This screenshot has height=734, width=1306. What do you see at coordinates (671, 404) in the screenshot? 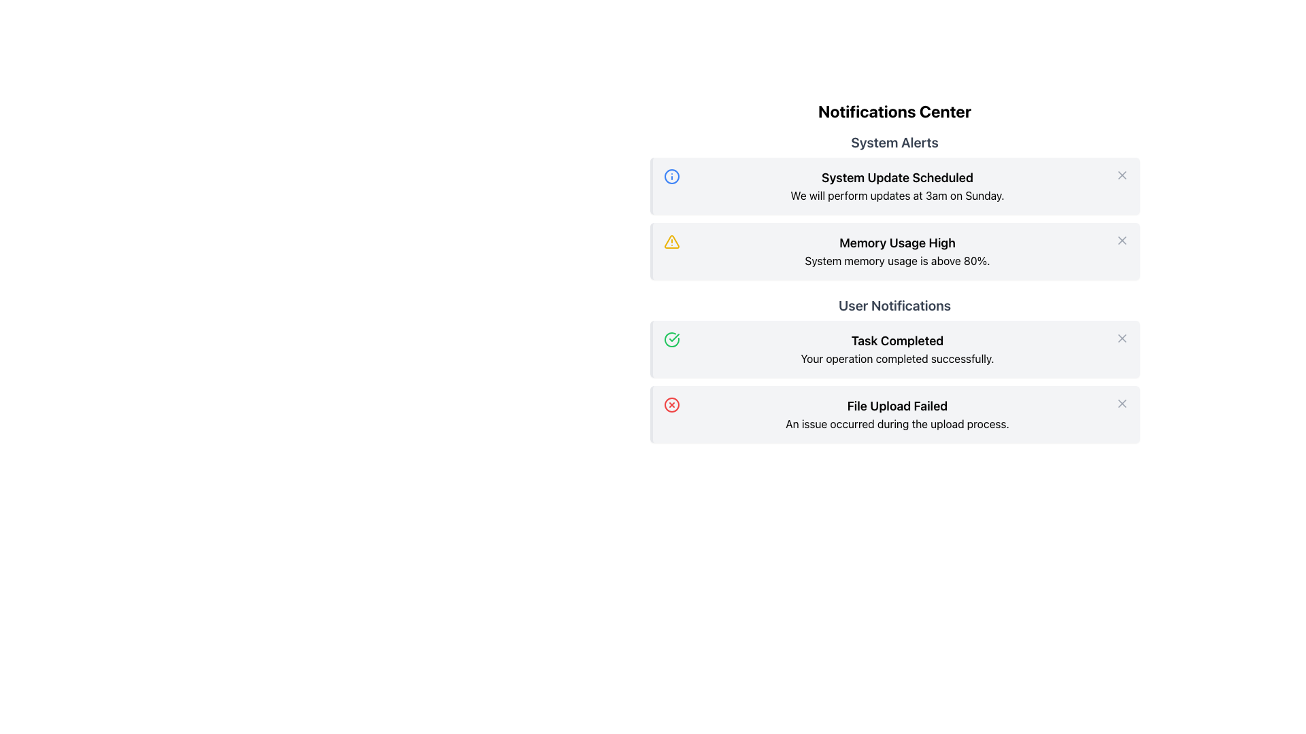
I see `the error icon indicating 'File Upload Failed' located at the left side of the notification card` at bounding box center [671, 404].